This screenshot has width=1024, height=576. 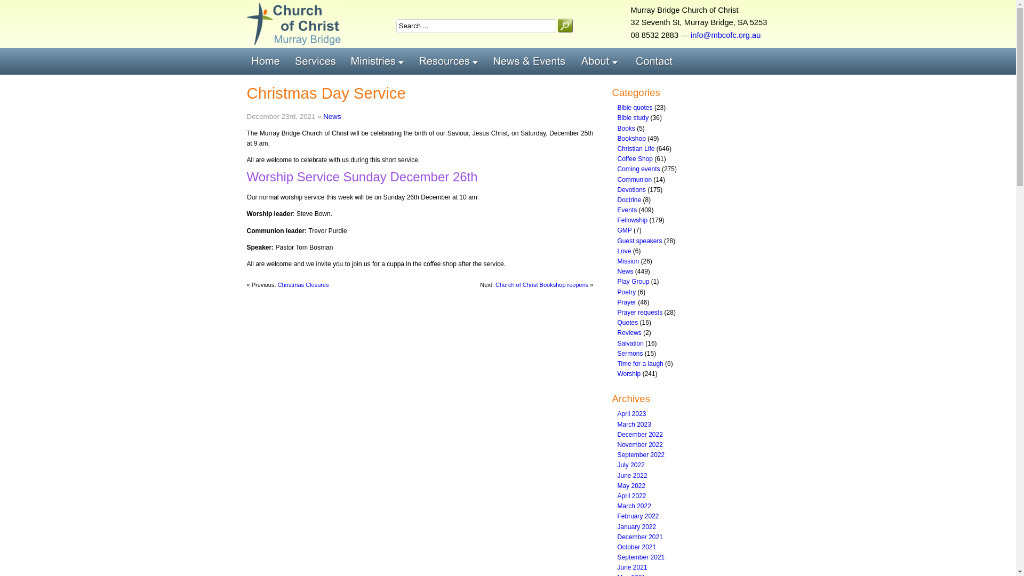 I want to click on 'June 2022', so click(x=632, y=475).